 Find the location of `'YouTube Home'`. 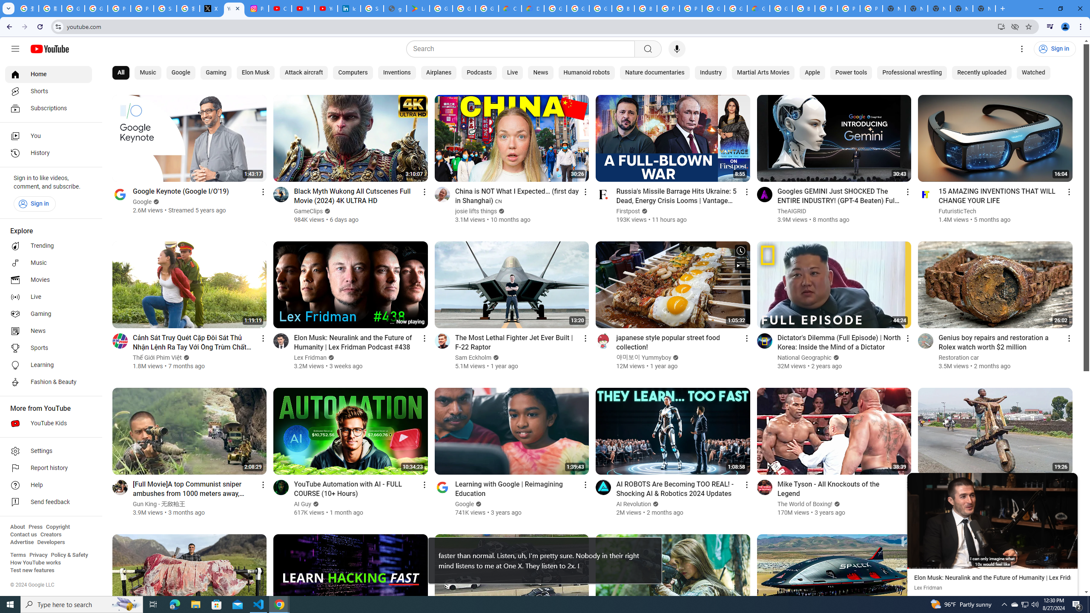

'YouTube Home' is located at coordinates (49, 49).